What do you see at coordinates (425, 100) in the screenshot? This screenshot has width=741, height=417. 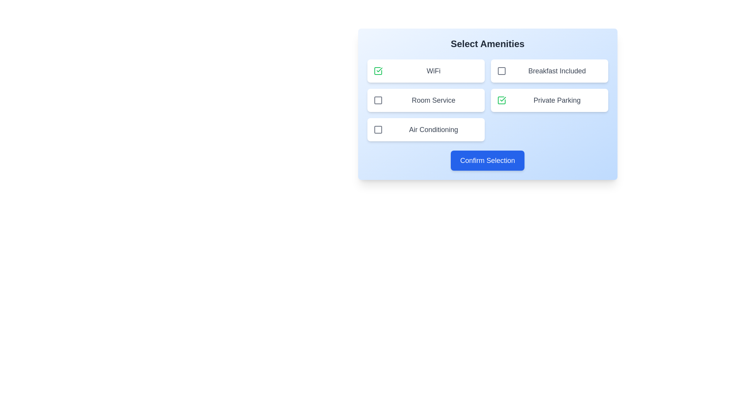 I see `the checkbox for the 'Room Service' amenity` at bounding box center [425, 100].